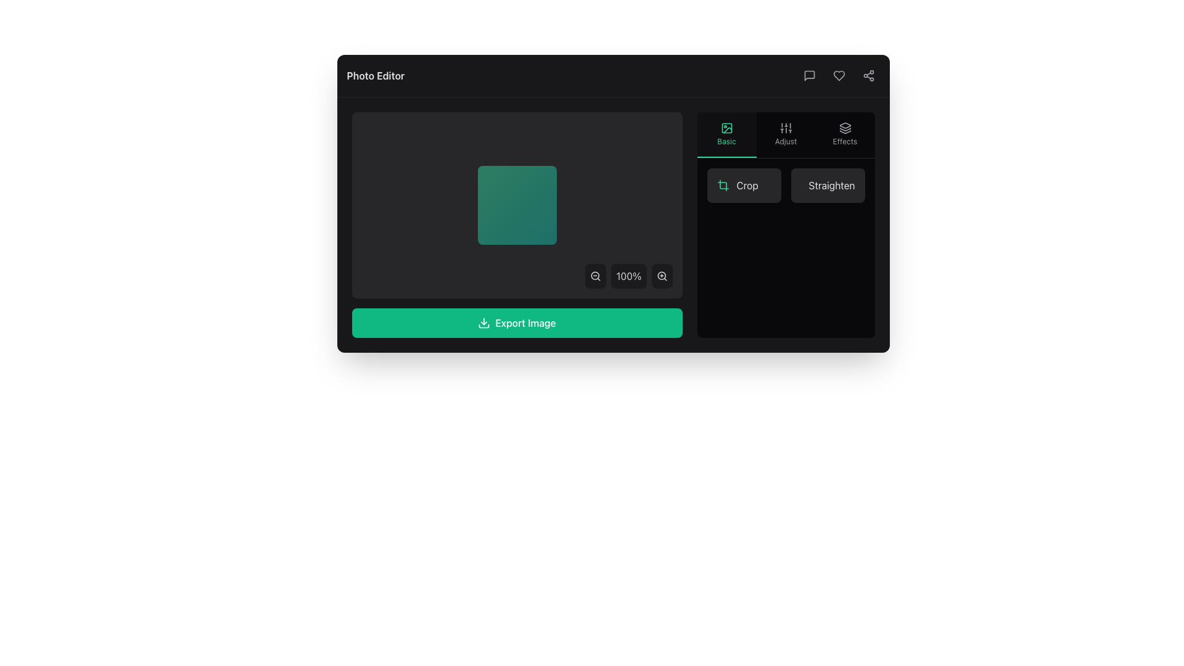  What do you see at coordinates (661, 275) in the screenshot?
I see `the magnifying glass icon with a '+' symbol to zoom in, located at the lower-right corner of the content display panel adjacent to the zoom percentage indicator ('100%')` at bounding box center [661, 275].